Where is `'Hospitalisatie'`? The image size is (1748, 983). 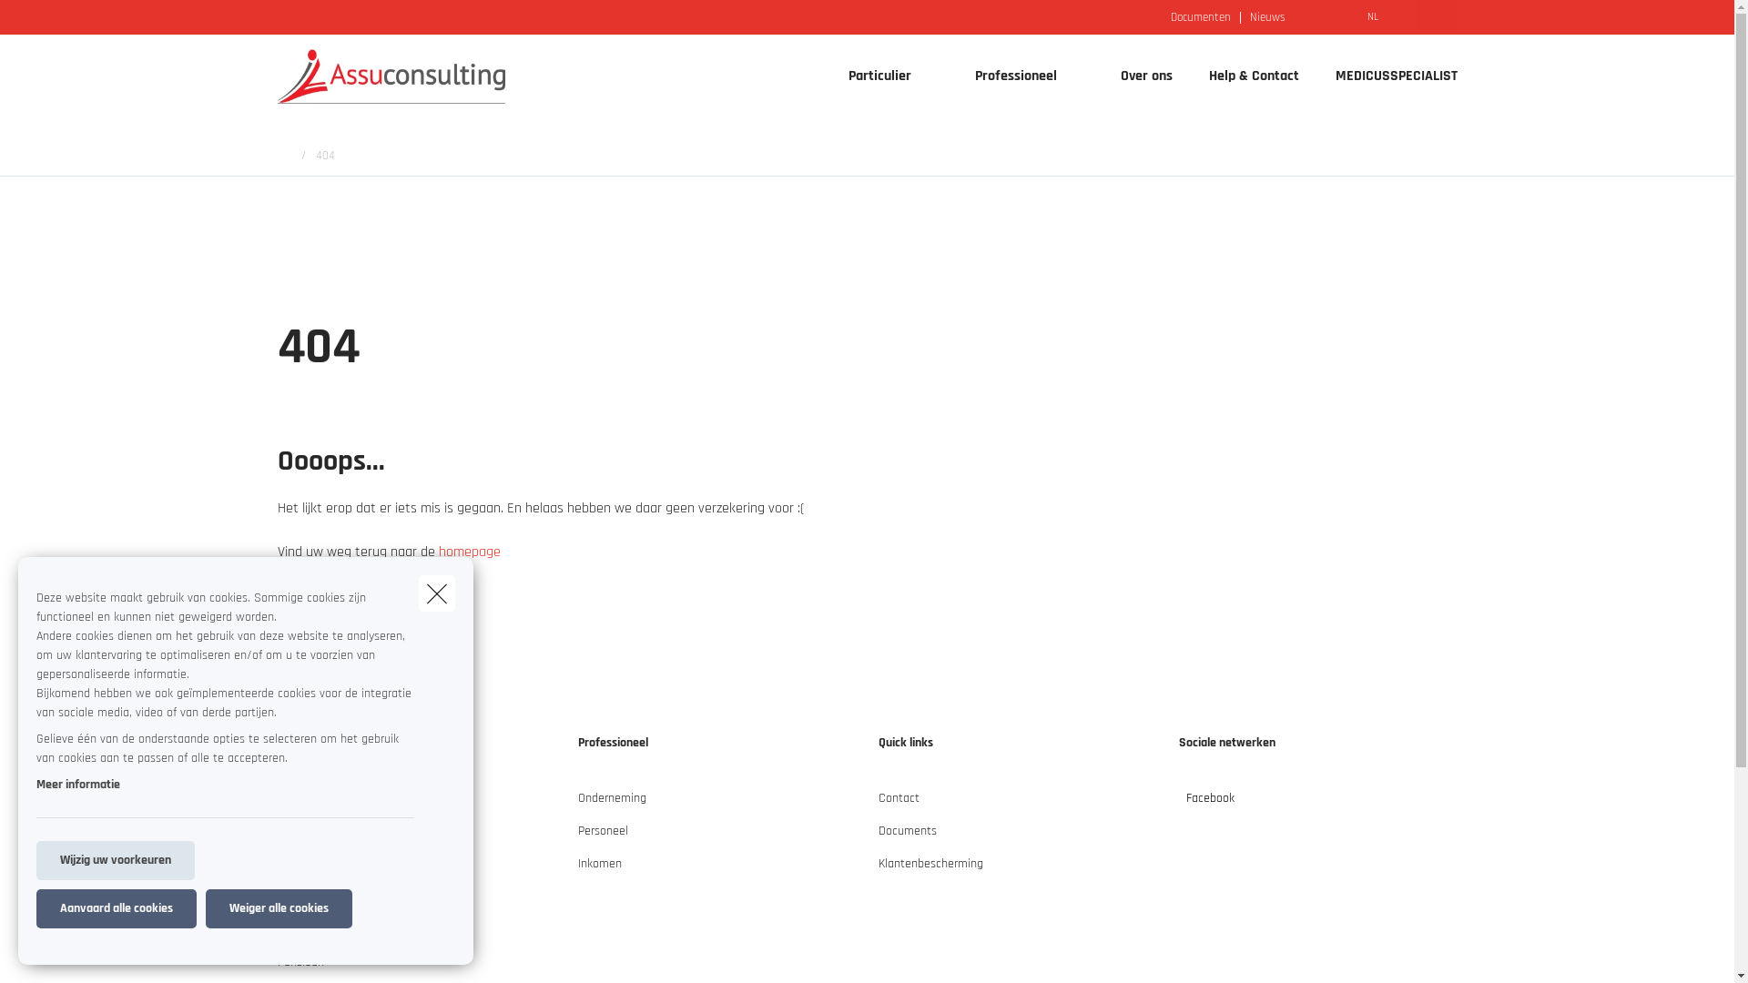
'Hospitalisatie' is located at coordinates (311, 903).